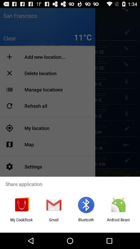  I want to click on item to the left of the gmail icon, so click(21, 222).